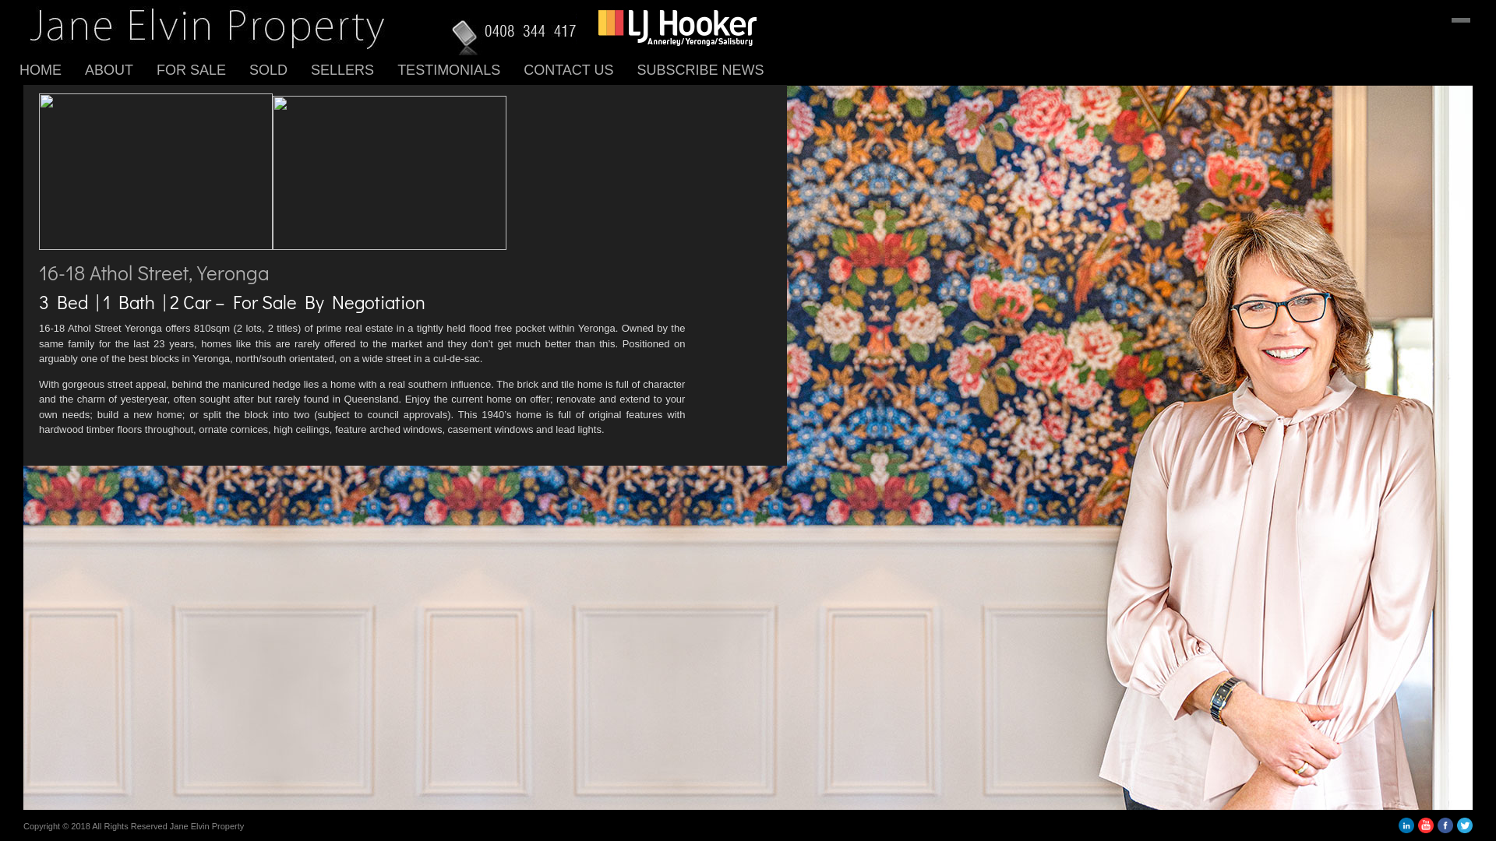 The image size is (1496, 841). Describe the element at coordinates (202, 69) in the screenshot. I see `'FOR SALE'` at that location.